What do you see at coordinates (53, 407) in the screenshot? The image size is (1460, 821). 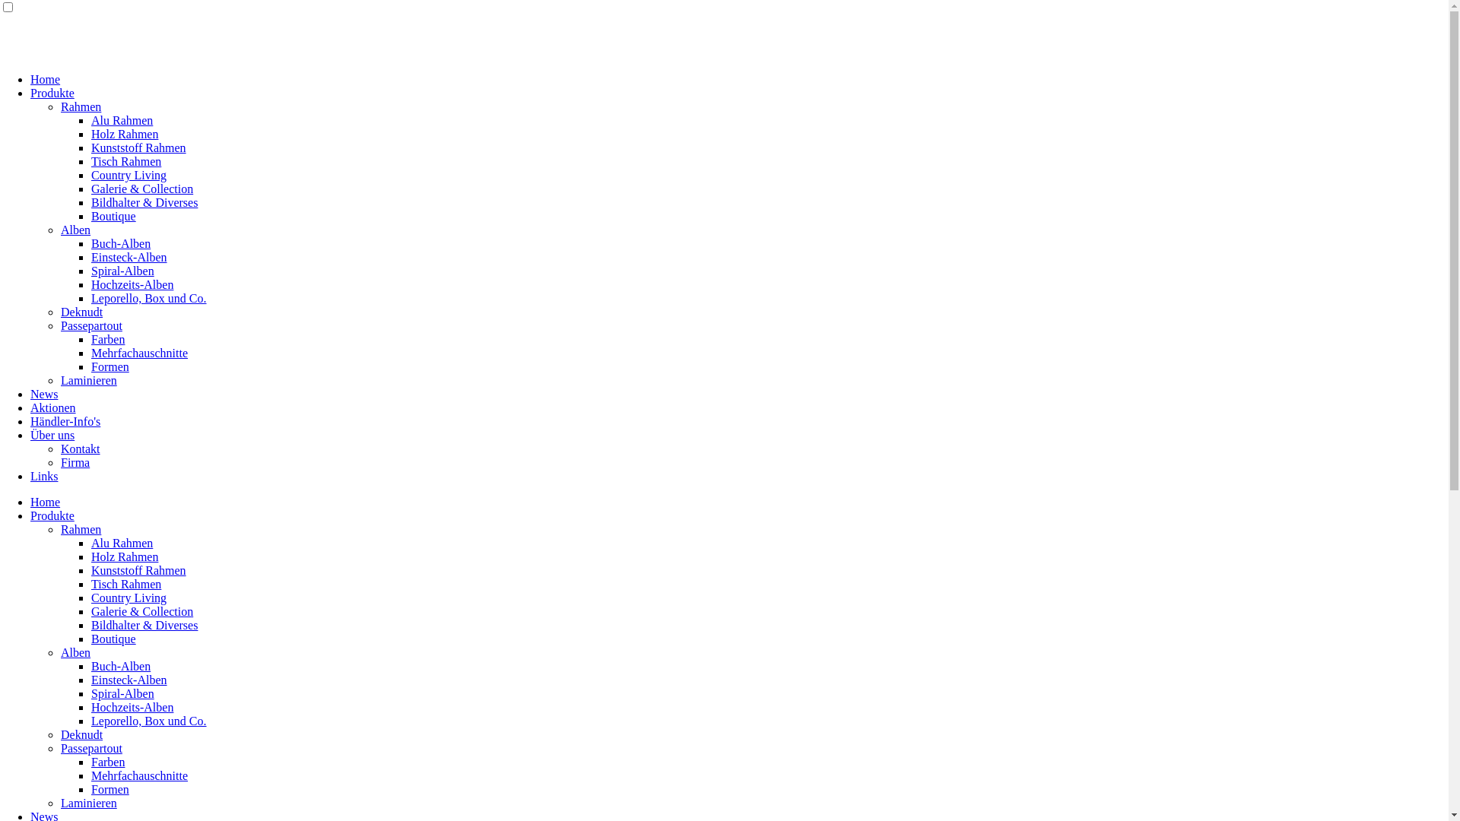 I see `'Aktionen'` at bounding box center [53, 407].